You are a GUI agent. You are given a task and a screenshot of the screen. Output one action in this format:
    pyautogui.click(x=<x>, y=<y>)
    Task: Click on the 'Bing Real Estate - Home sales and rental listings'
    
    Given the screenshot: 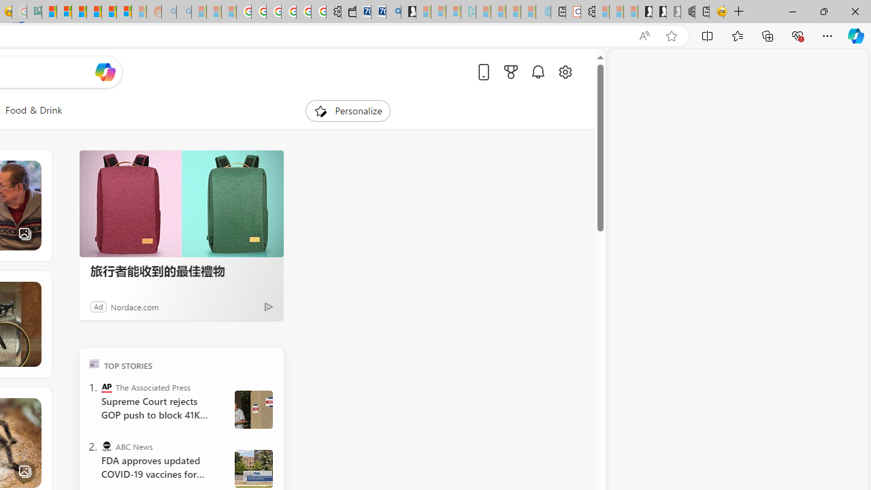 What is the action you would take?
    pyautogui.click(x=393, y=12)
    